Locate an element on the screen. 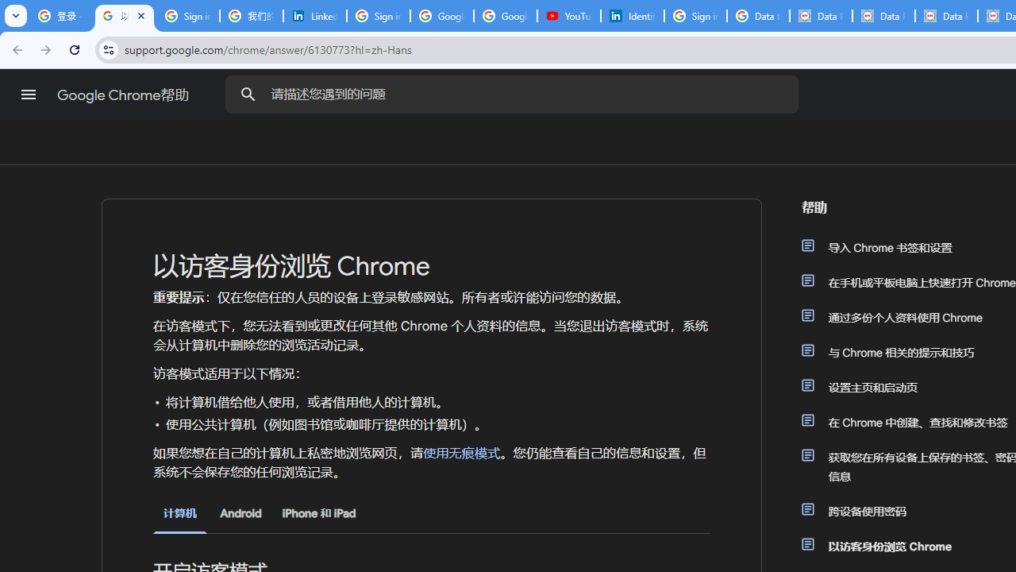  'Sign in - Google Accounts' is located at coordinates (695, 16).